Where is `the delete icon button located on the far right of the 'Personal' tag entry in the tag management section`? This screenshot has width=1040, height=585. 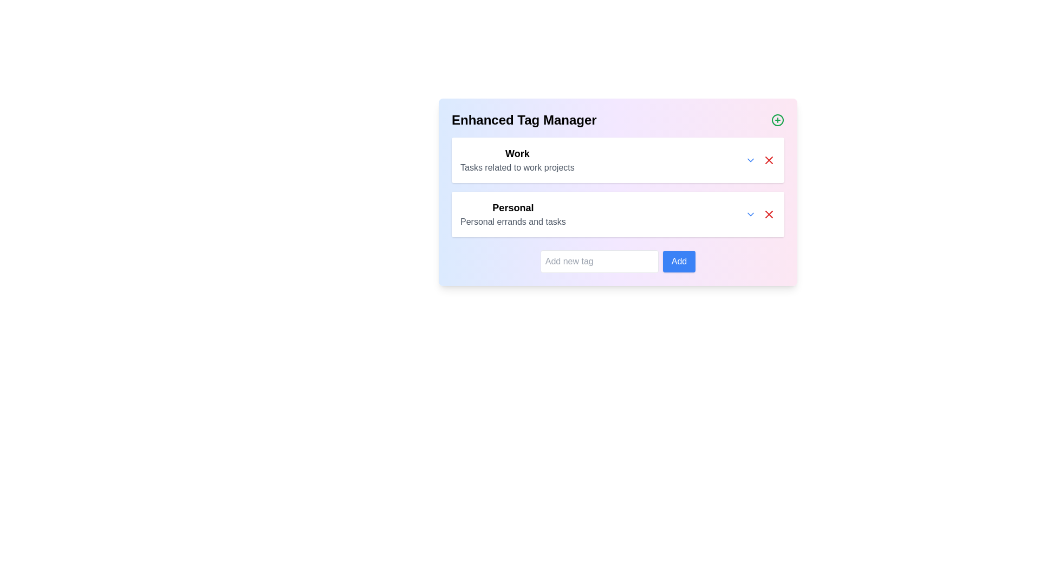 the delete icon button located on the far right of the 'Personal' tag entry in the tag management section is located at coordinates (769, 214).